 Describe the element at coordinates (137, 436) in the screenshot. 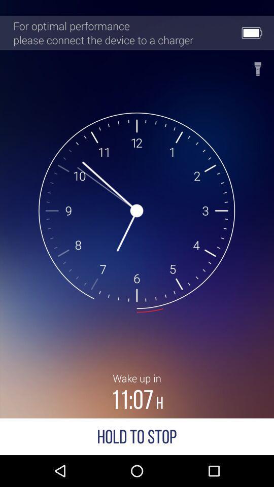

I see `item below the 11:07 h icon` at that location.